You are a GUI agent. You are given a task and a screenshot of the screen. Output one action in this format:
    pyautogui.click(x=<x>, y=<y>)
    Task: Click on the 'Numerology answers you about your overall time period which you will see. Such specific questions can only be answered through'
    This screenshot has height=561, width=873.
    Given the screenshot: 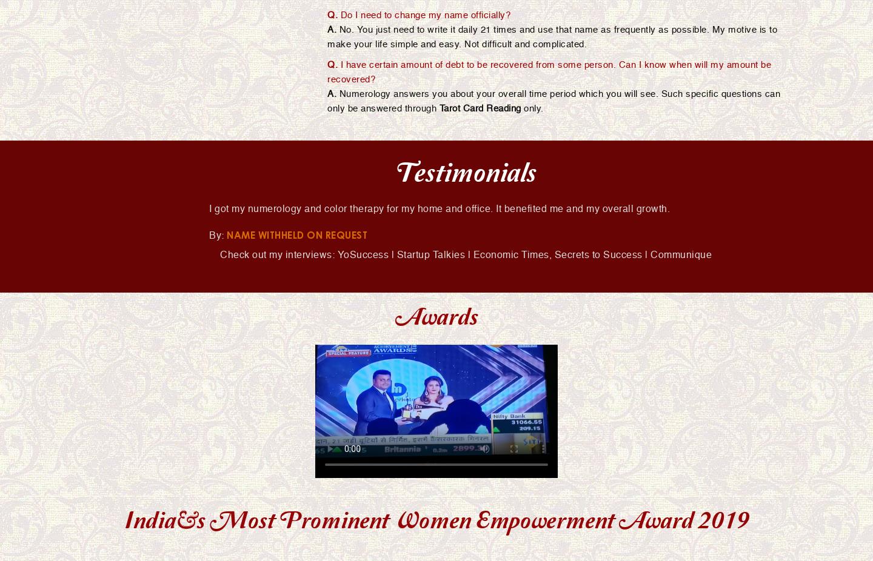 What is the action you would take?
    pyautogui.click(x=554, y=100)
    